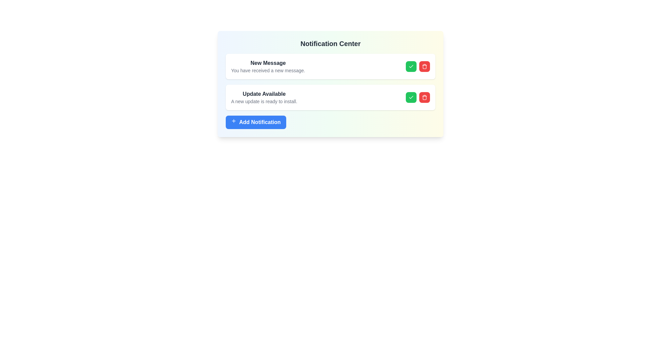 The width and height of the screenshot is (645, 363). What do you see at coordinates (411, 66) in the screenshot?
I see `the leftmost button in the horizontal arrangement on the right side of the 'New Message' notification card to acknowledge the notification` at bounding box center [411, 66].